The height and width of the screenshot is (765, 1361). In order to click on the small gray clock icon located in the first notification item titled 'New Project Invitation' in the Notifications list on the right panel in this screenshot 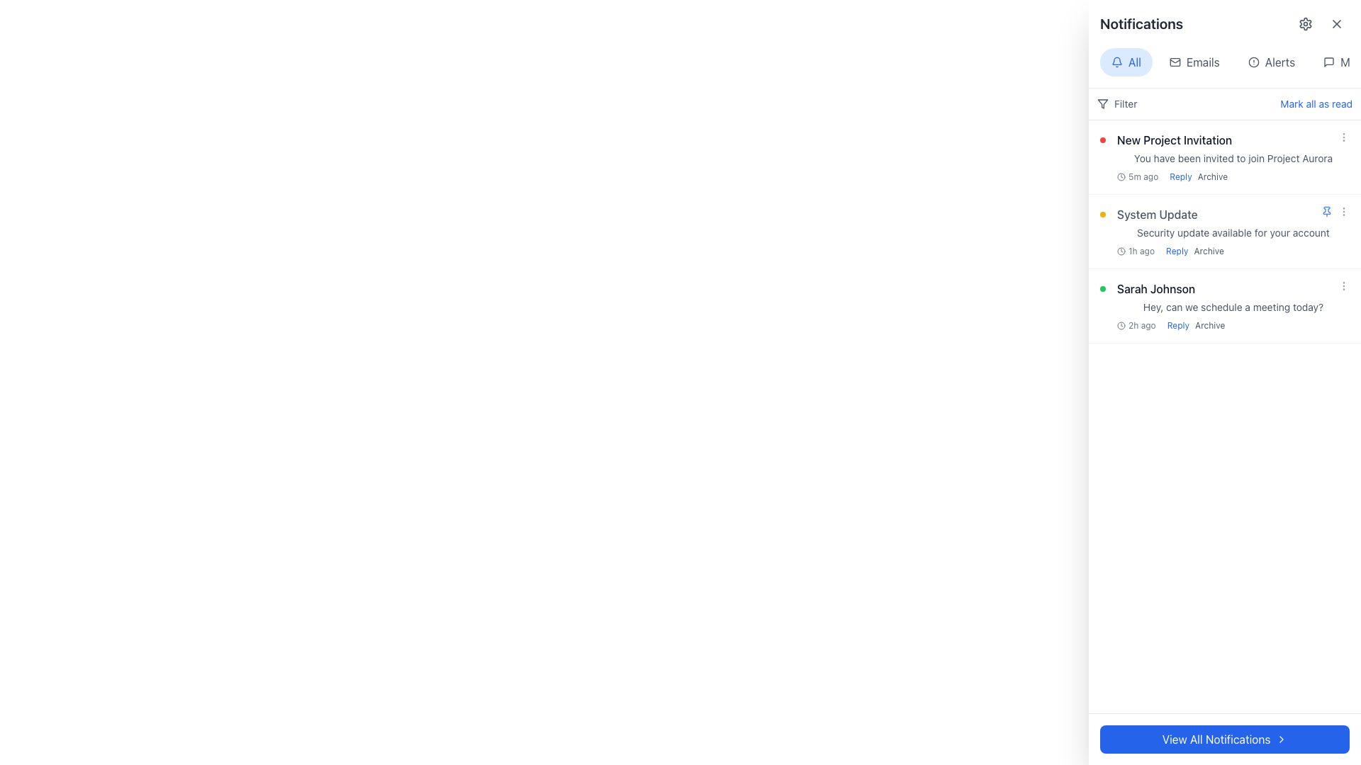, I will do `click(1121, 176)`.